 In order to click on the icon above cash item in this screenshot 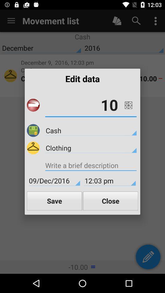, I will do `click(128, 105)`.